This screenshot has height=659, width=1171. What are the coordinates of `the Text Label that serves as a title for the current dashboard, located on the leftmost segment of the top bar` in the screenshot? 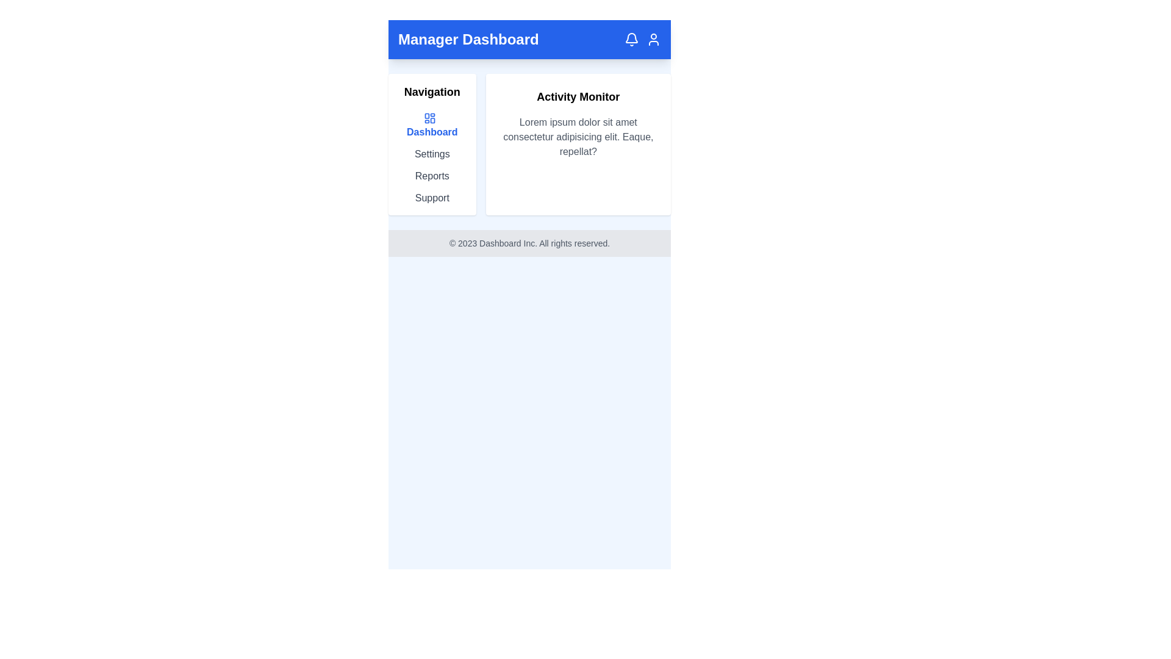 It's located at (468, 39).